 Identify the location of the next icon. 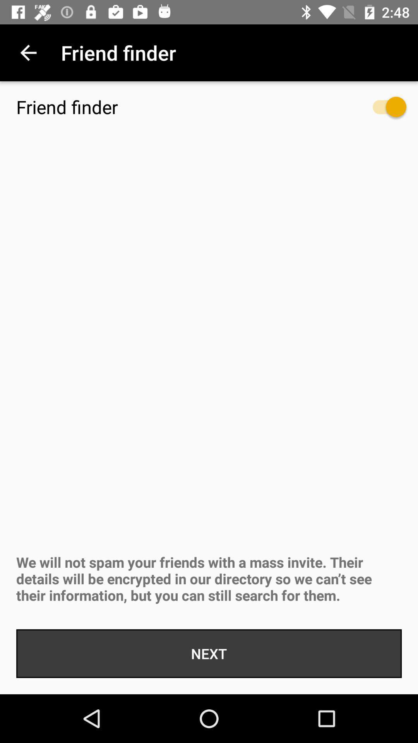
(209, 653).